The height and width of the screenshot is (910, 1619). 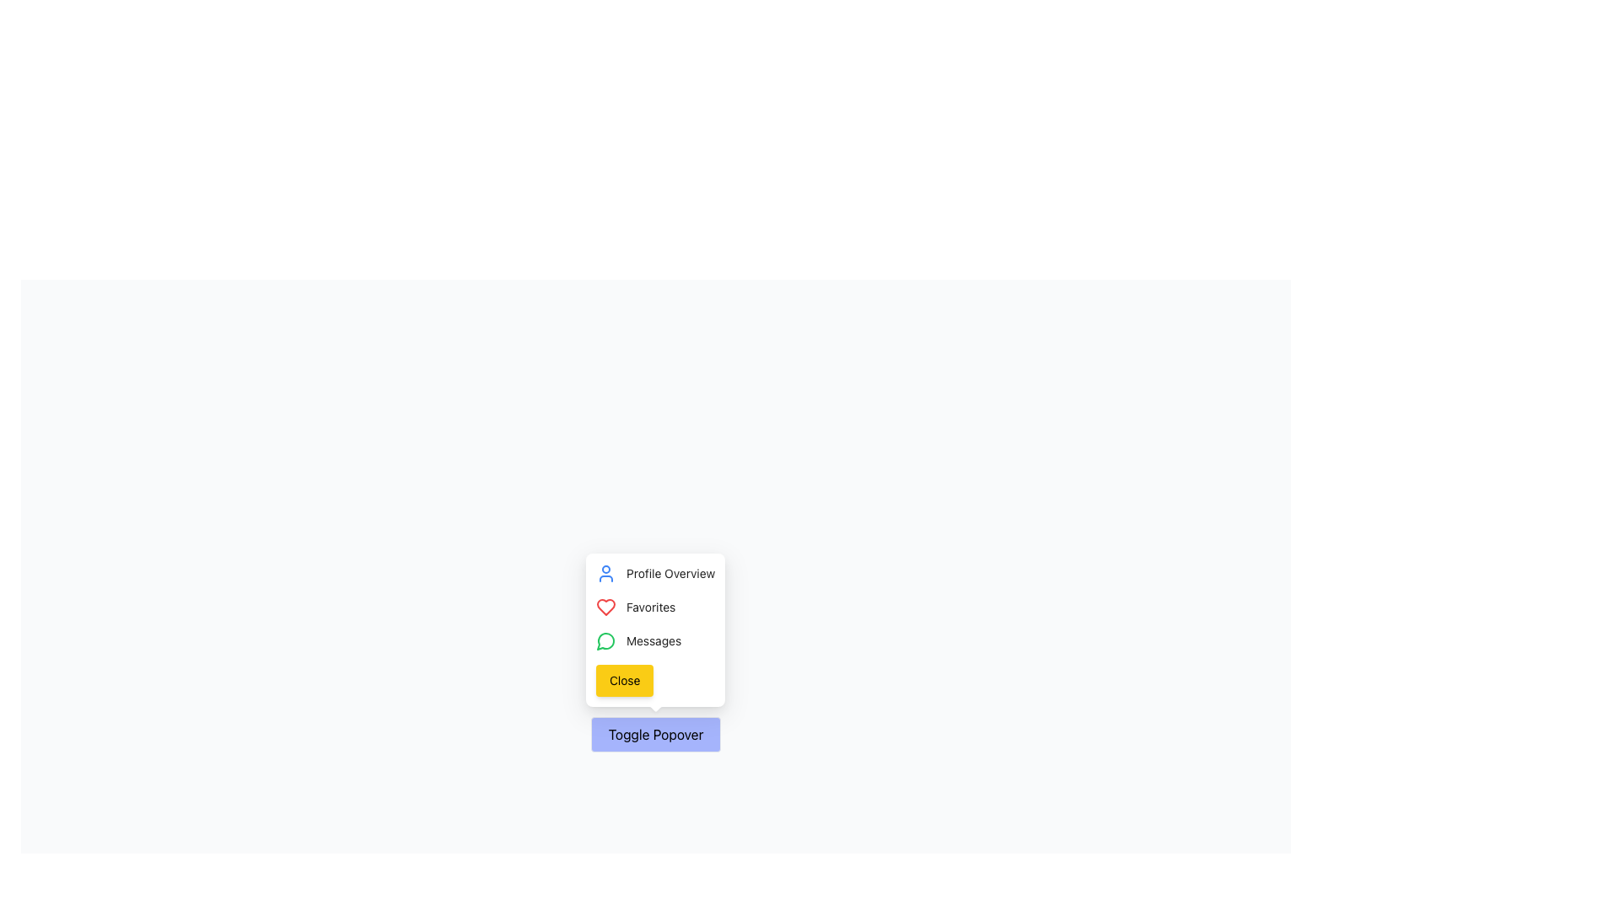 I want to click on the toggle button located at the bottom-center of the interface that controls the visibility of the popover panel, so click(x=654, y=733).